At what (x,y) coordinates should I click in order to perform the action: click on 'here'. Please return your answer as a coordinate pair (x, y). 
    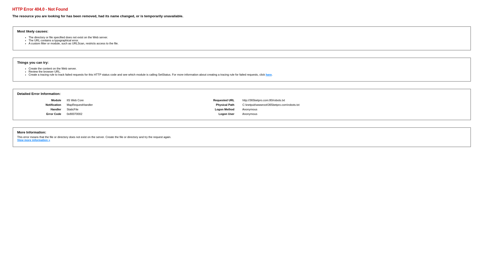
    Looking at the image, I should click on (268, 74).